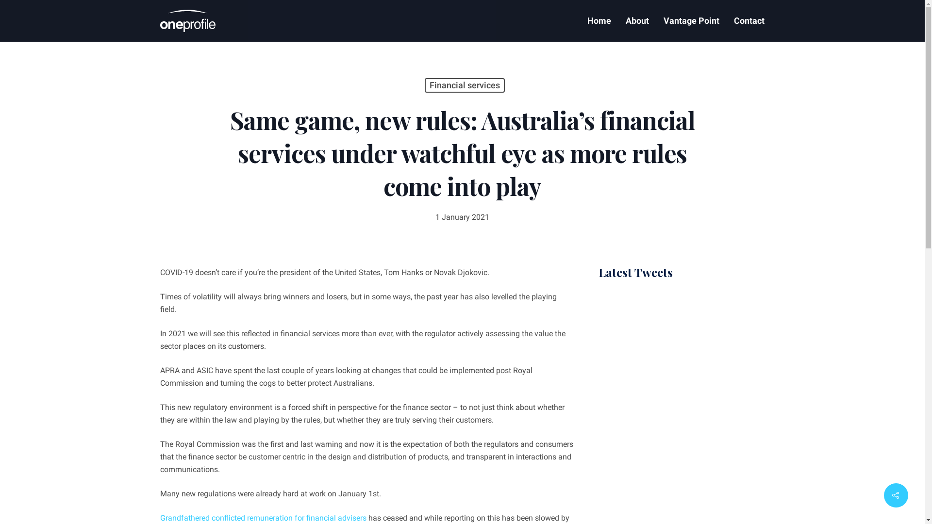 Image resolution: width=932 pixels, height=524 pixels. I want to click on 'About', so click(637, 20).